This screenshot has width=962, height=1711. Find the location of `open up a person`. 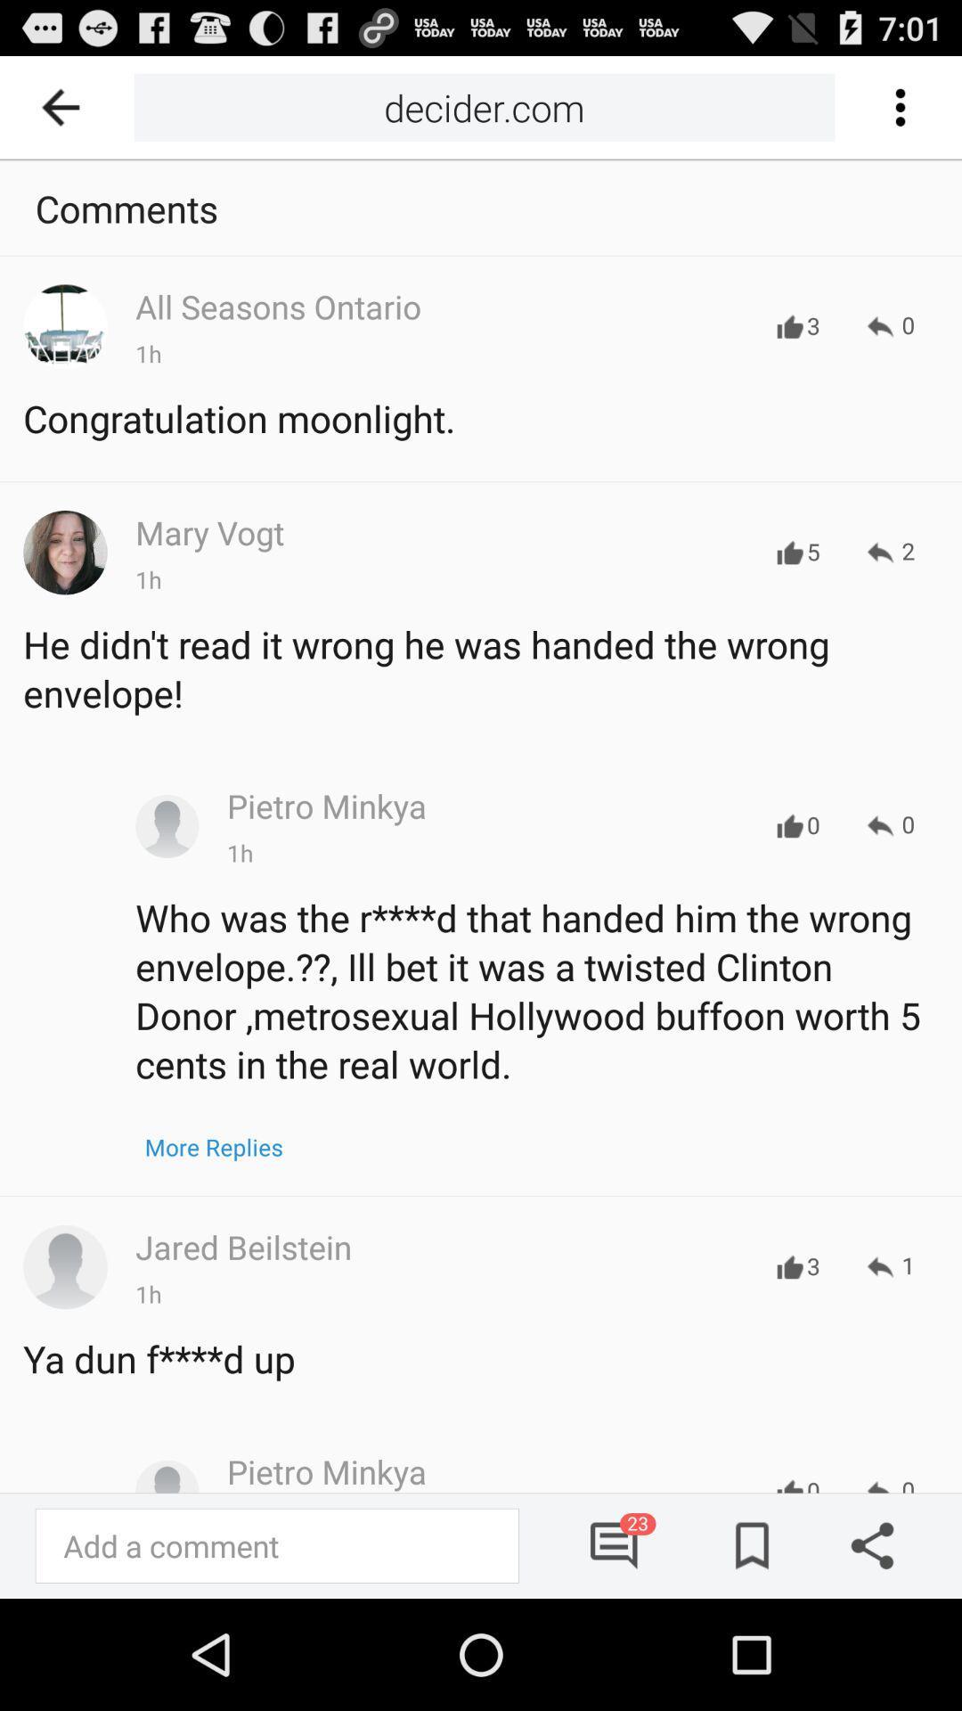

open up a person is located at coordinates (64, 1265).